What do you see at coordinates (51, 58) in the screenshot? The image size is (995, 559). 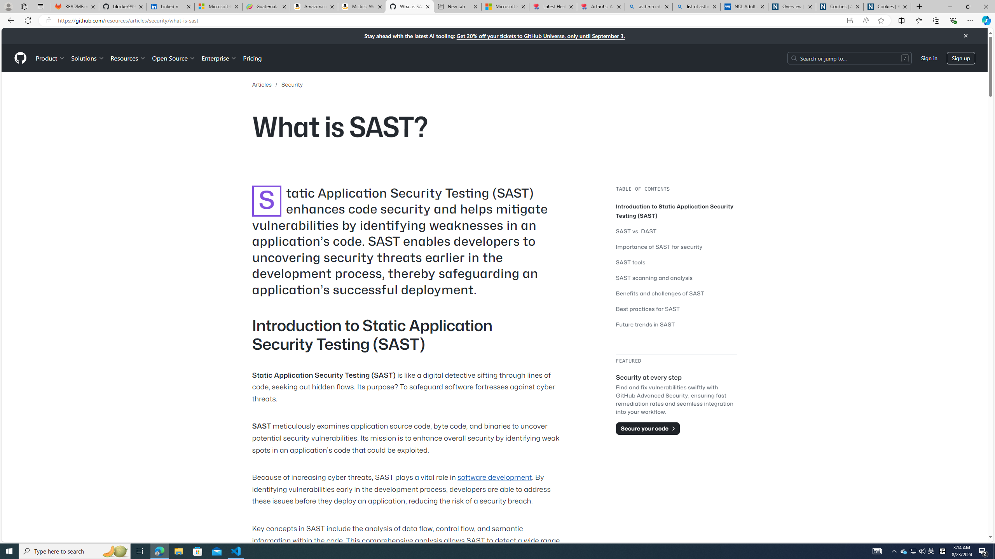 I see `'Product'` at bounding box center [51, 58].